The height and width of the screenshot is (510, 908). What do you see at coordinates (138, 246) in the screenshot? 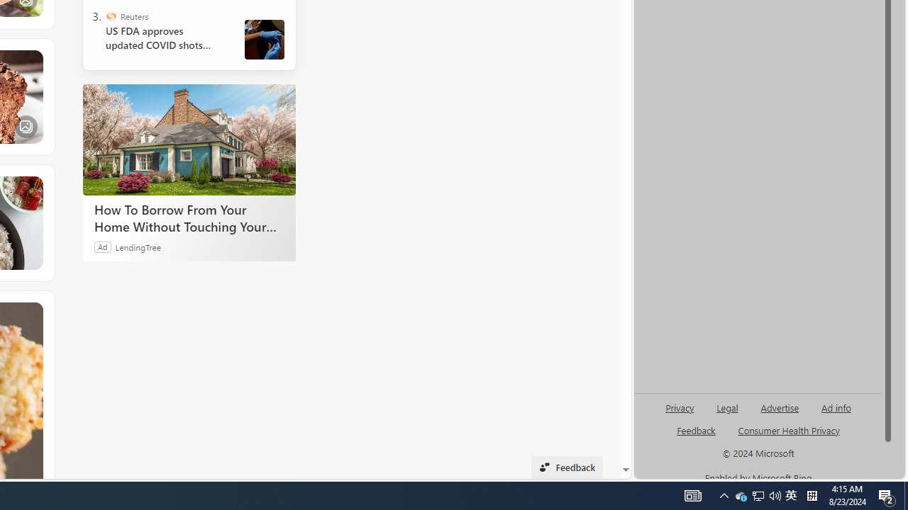
I see `'LendingTree'` at bounding box center [138, 246].